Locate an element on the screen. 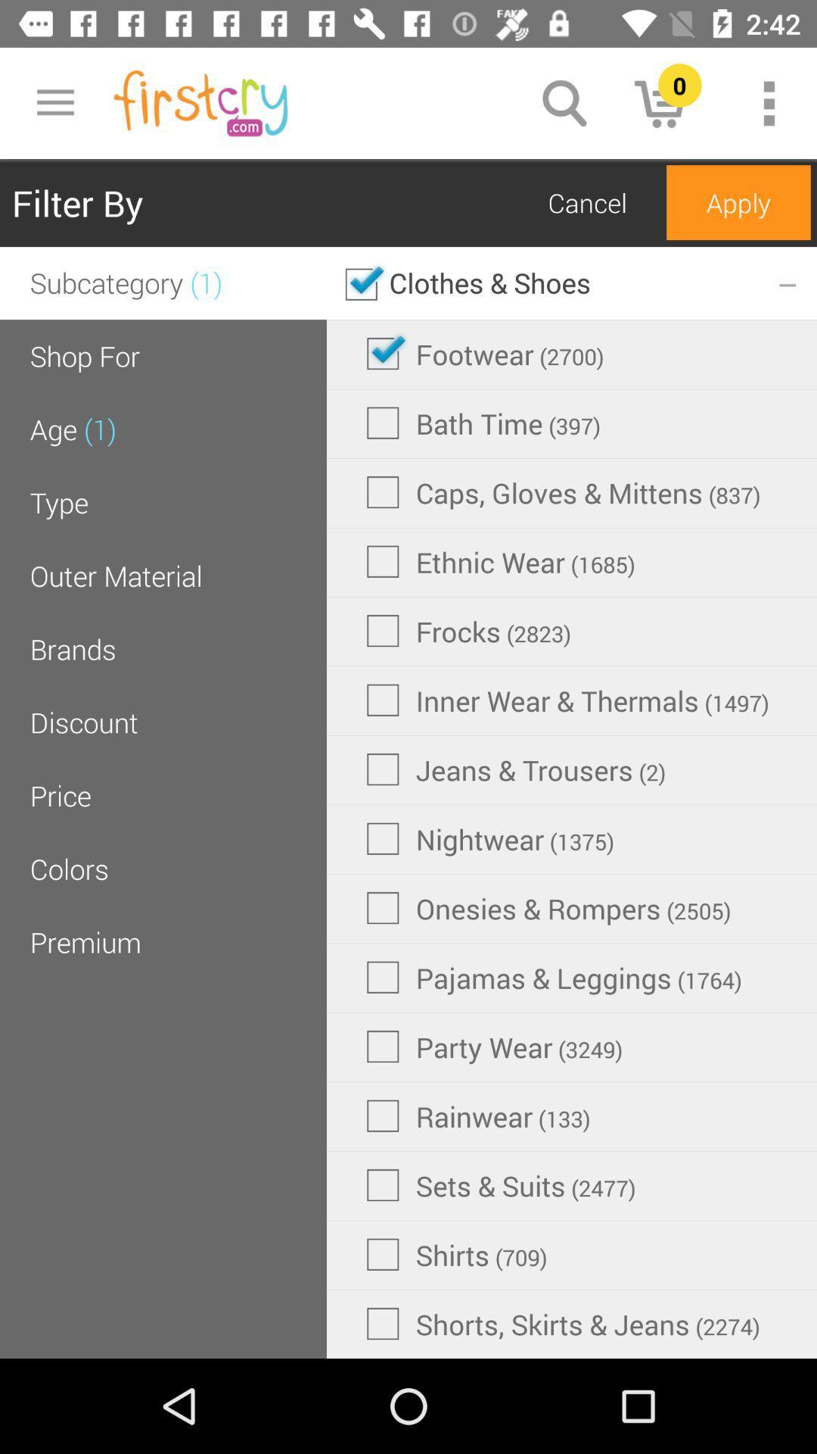 The width and height of the screenshot is (817, 1454). the item to the left of onesies & rompers (2505) is located at coordinates (85, 941).